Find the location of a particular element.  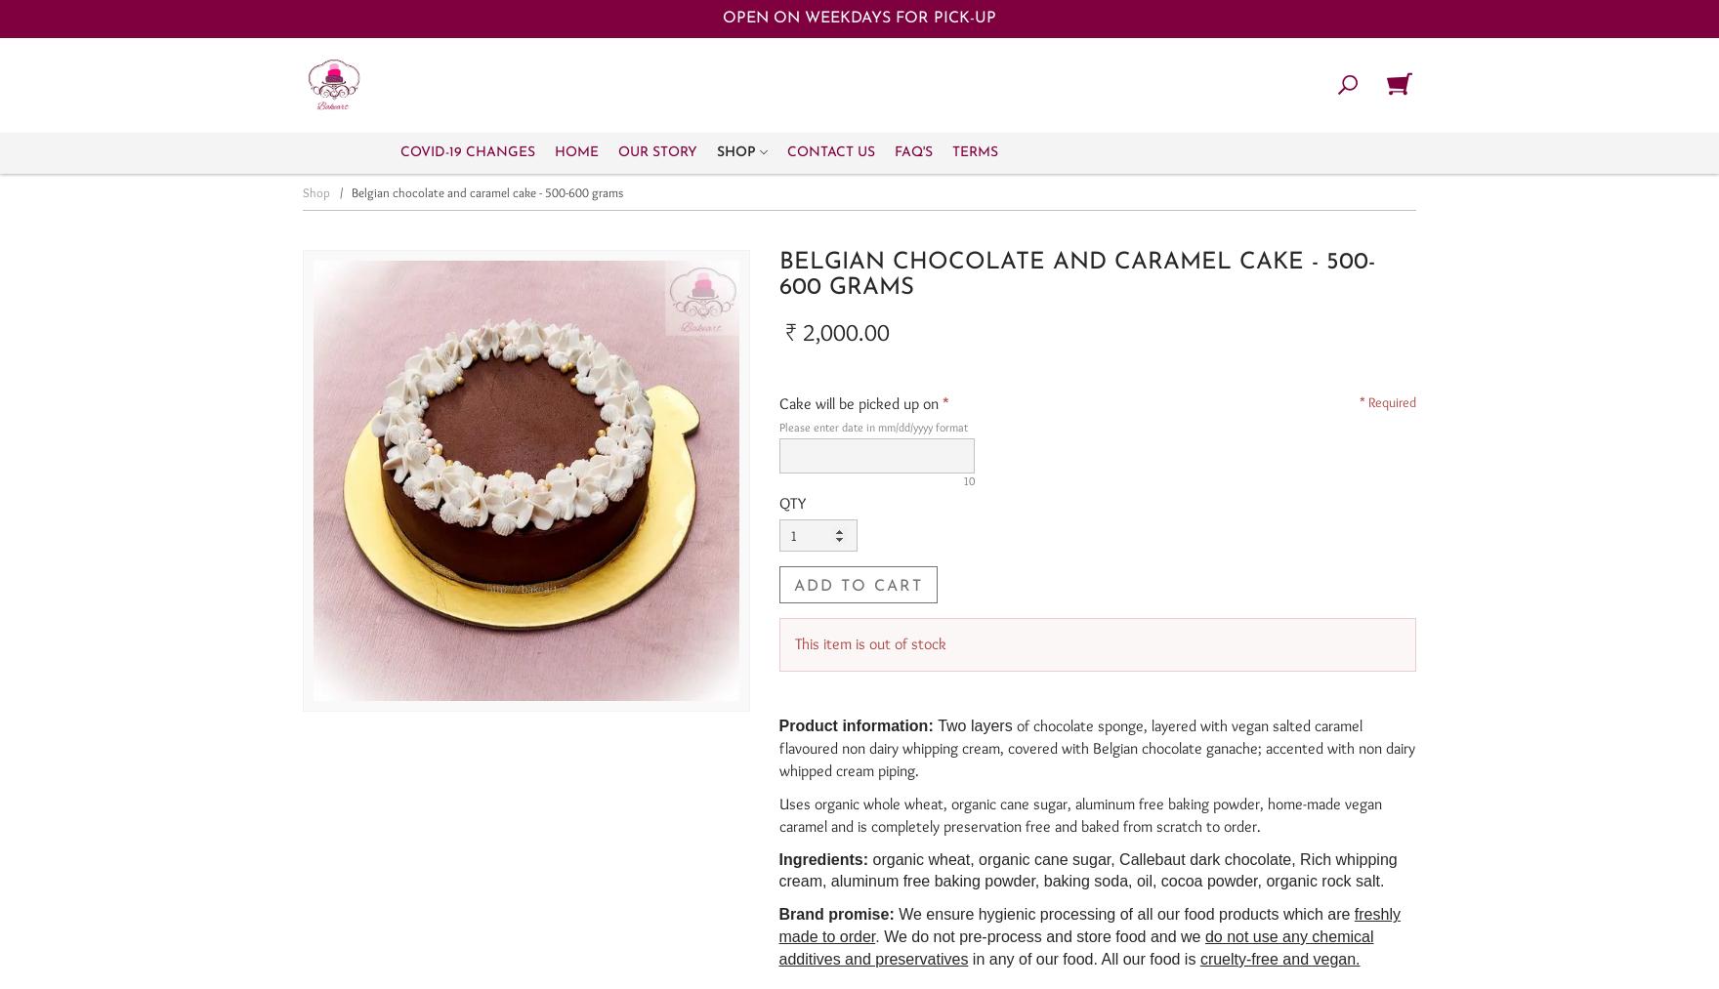

'of chocolate sponge, layered with vegan salted caramel flavoured non dairy whipping cream, covered with Belgian chocolate ganache; accented with non dairy whipped cream piping.' is located at coordinates (1095, 748).